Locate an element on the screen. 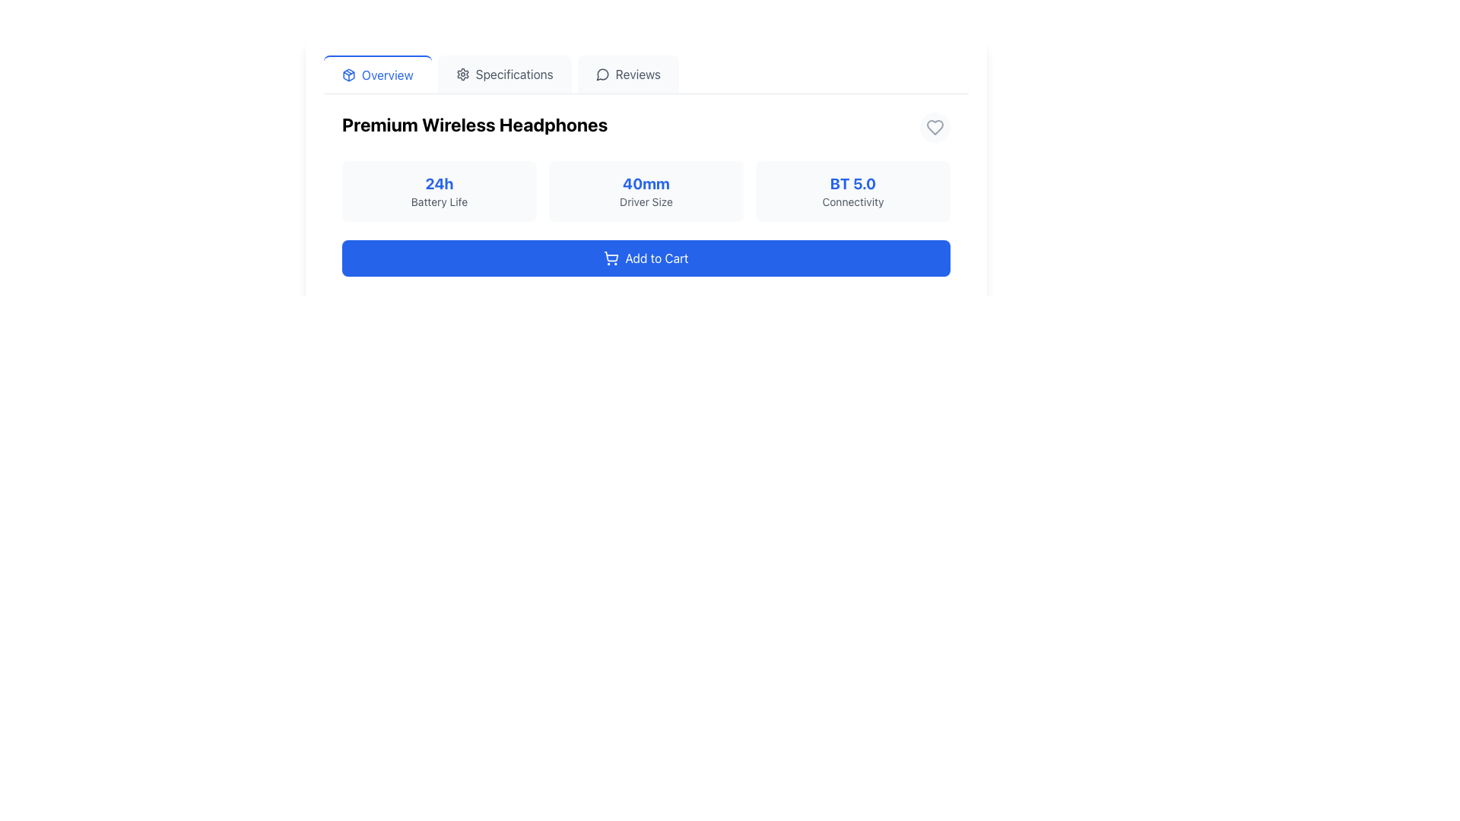 The width and height of the screenshot is (1460, 821). the settings icon, which is represented by a gear-shaped graphic component is located at coordinates (462, 74).